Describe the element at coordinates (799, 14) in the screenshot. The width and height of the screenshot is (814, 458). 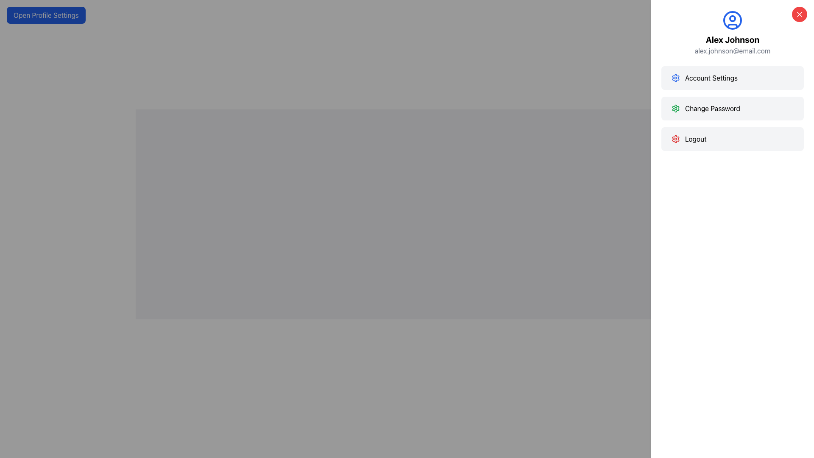
I see `the 'X' icon within the circular red button located in the top-right corner of the right-hand white side panel` at that location.